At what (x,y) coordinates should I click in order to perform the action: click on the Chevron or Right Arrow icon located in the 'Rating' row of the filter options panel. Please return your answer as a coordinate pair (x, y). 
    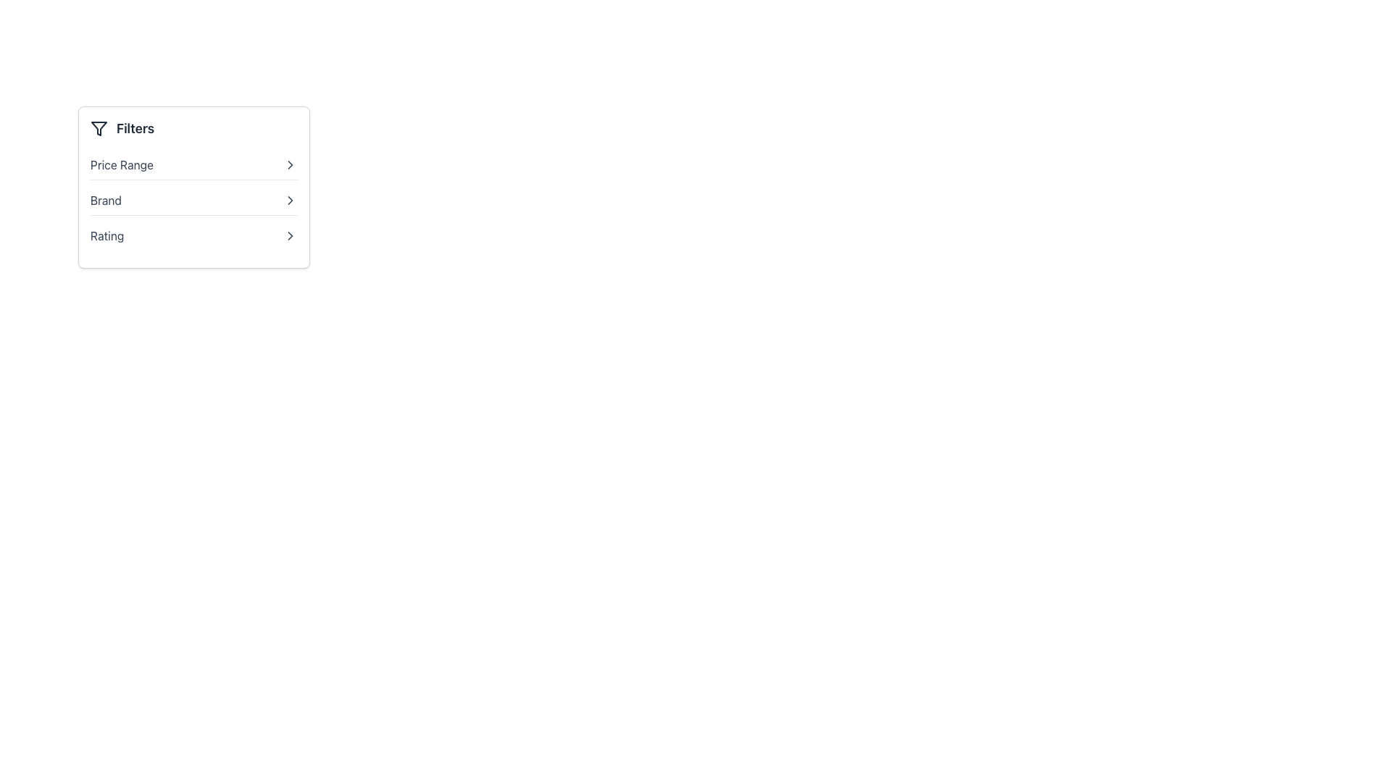
    Looking at the image, I should click on (290, 235).